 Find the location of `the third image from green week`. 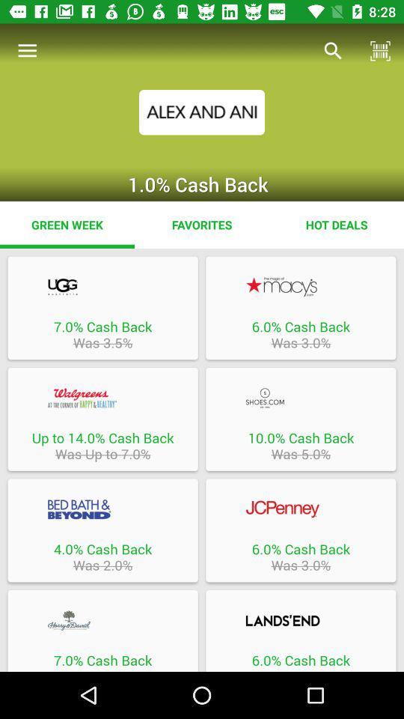

the third image from green week is located at coordinates (102, 419).